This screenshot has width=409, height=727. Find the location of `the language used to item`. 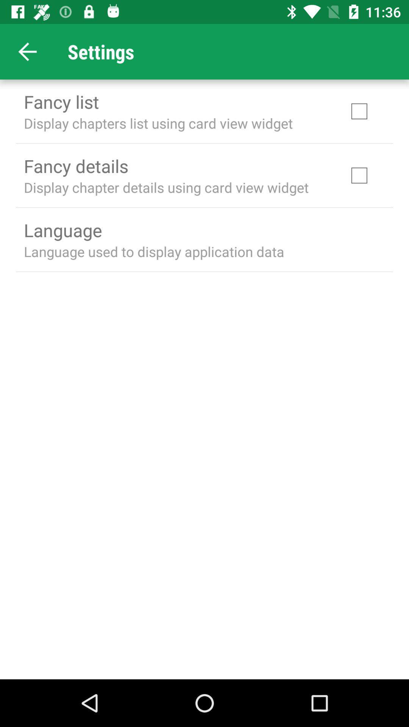

the language used to item is located at coordinates (153, 251).